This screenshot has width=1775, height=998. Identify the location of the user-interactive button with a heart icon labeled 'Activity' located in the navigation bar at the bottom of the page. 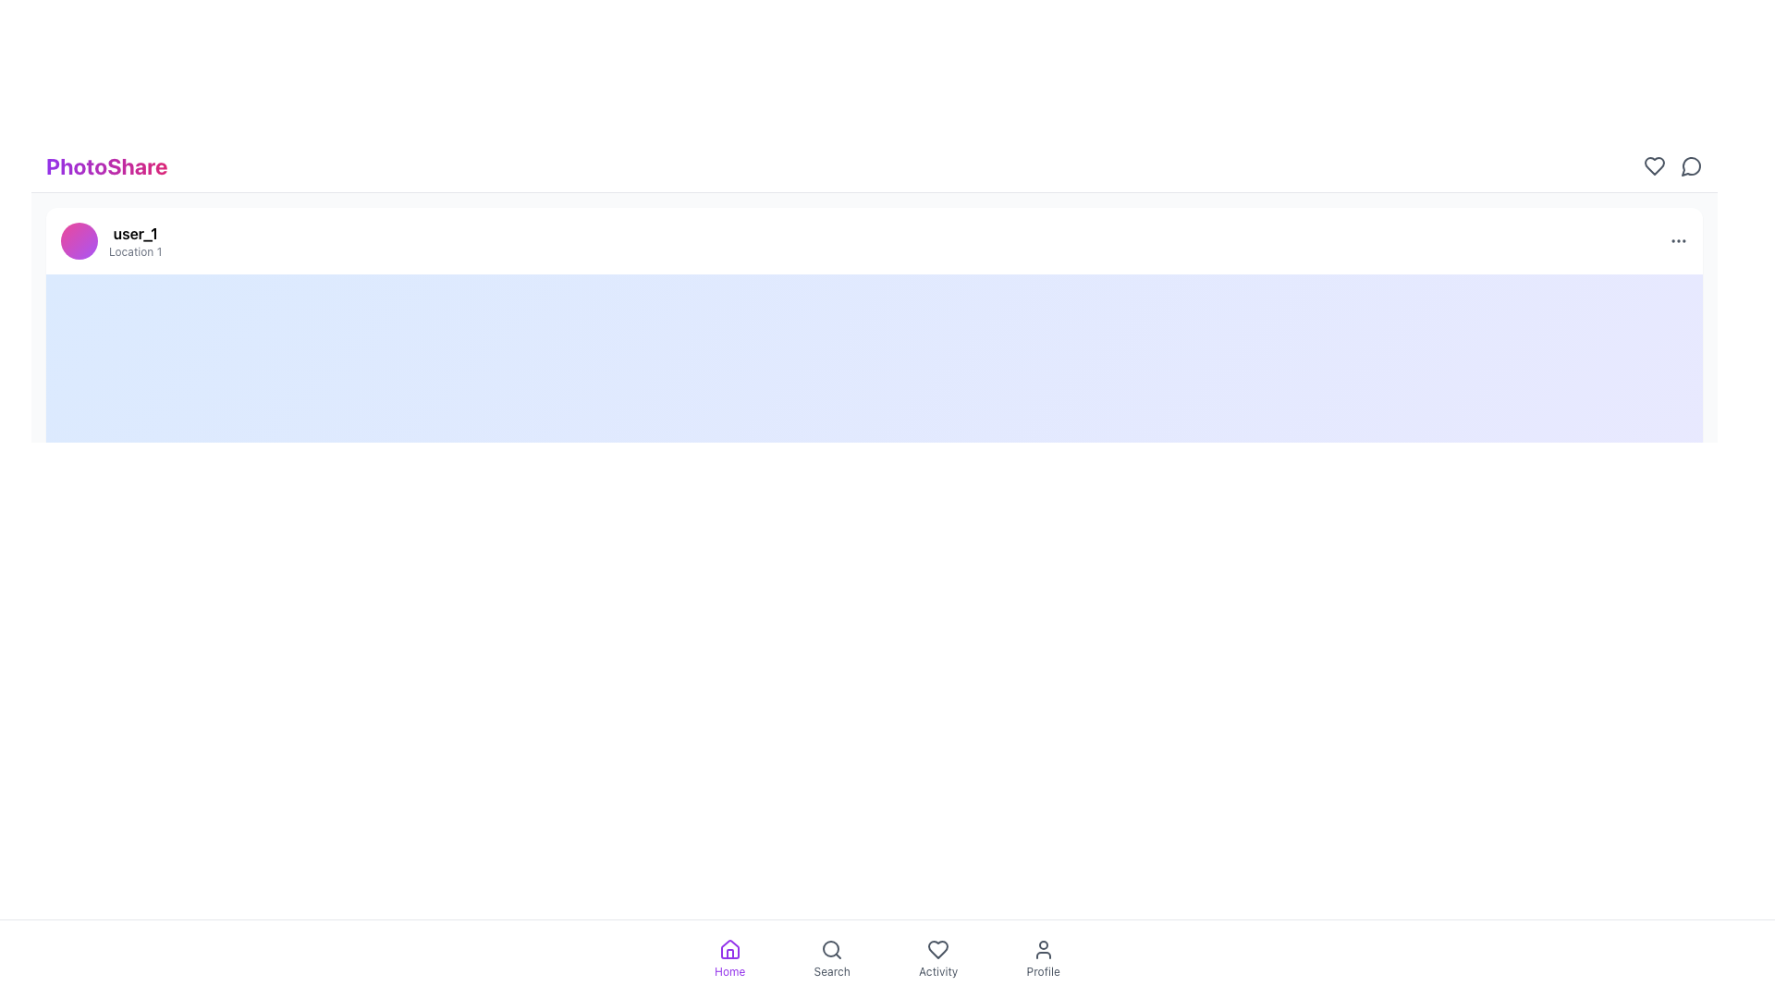
(938, 957).